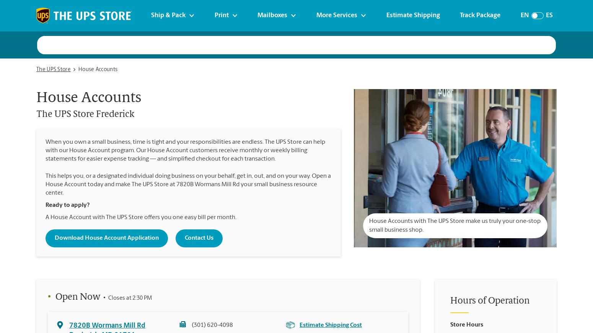  What do you see at coordinates (524, 15) in the screenshot?
I see `'En'` at bounding box center [524, 15].